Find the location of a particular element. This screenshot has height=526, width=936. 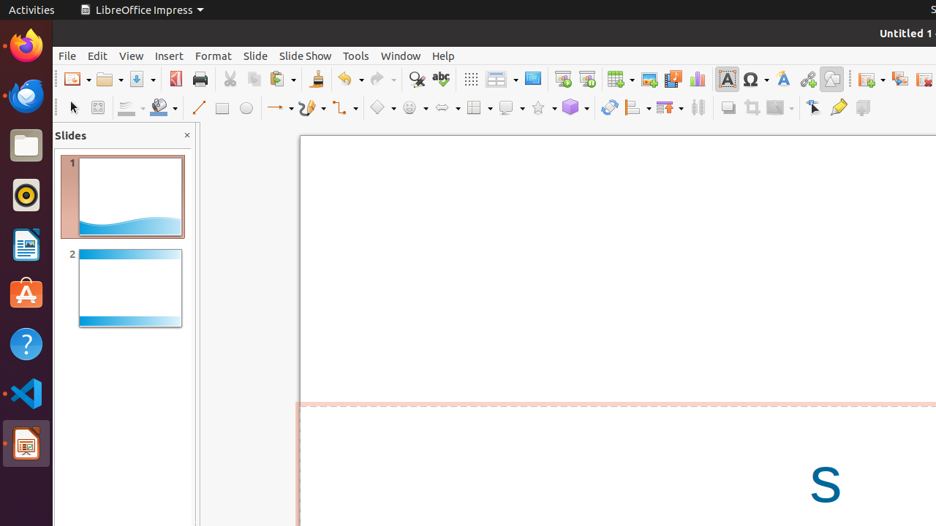

'Connectors' is located at coordinates (344, 107).